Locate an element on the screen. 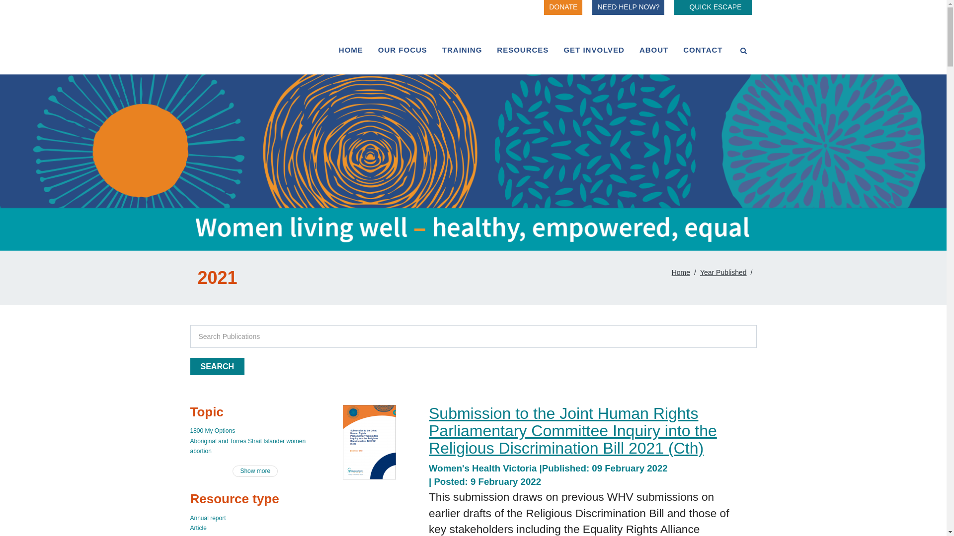 This screenshot has width=954, height=536. 'CONTACT' is located at coordinates (702, 50).